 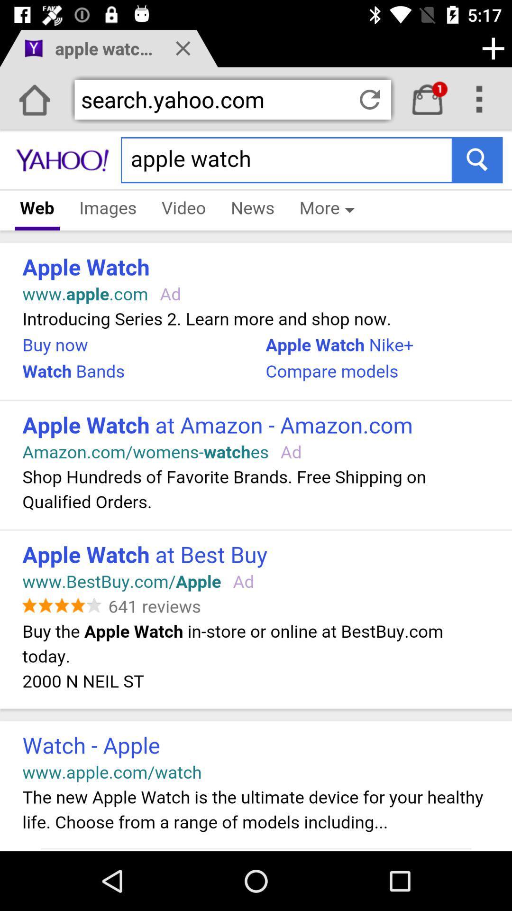 What do you see at coordinates (493, 48) in the screenshot?
I see `button` at bounding box center [493, 48].